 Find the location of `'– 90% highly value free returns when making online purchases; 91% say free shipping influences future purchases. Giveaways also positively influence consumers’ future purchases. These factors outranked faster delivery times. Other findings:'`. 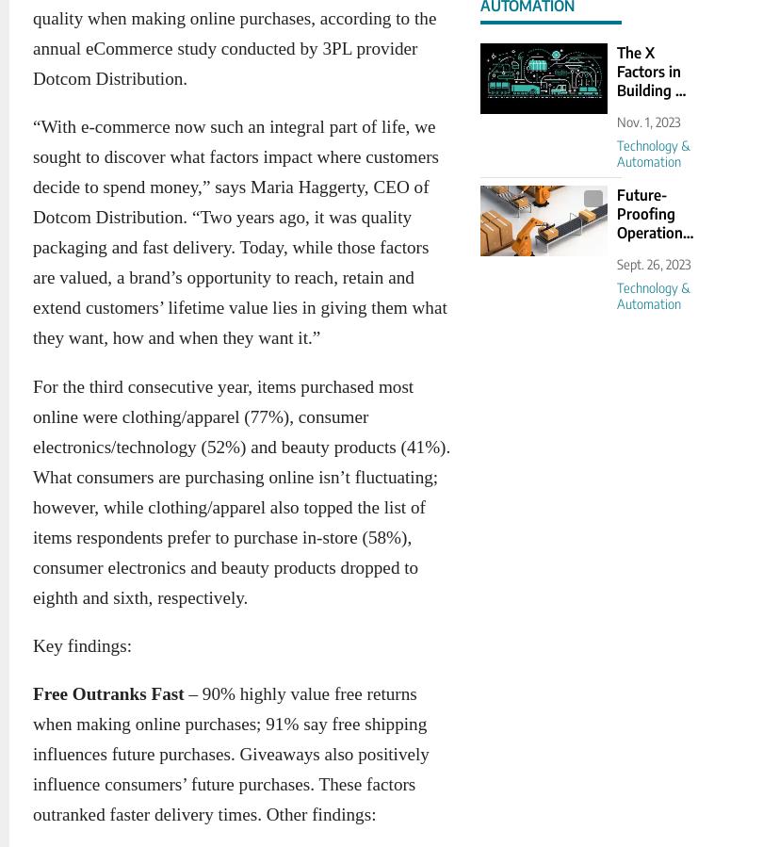

'– 90% highly value free returns when making online purchases; 91% say free shipping influences future purchases. Giveaways also positively influence consumers’ future purchases. These factors outranked faster delivery times. Other findings:' is located at coordinates (230, 754).